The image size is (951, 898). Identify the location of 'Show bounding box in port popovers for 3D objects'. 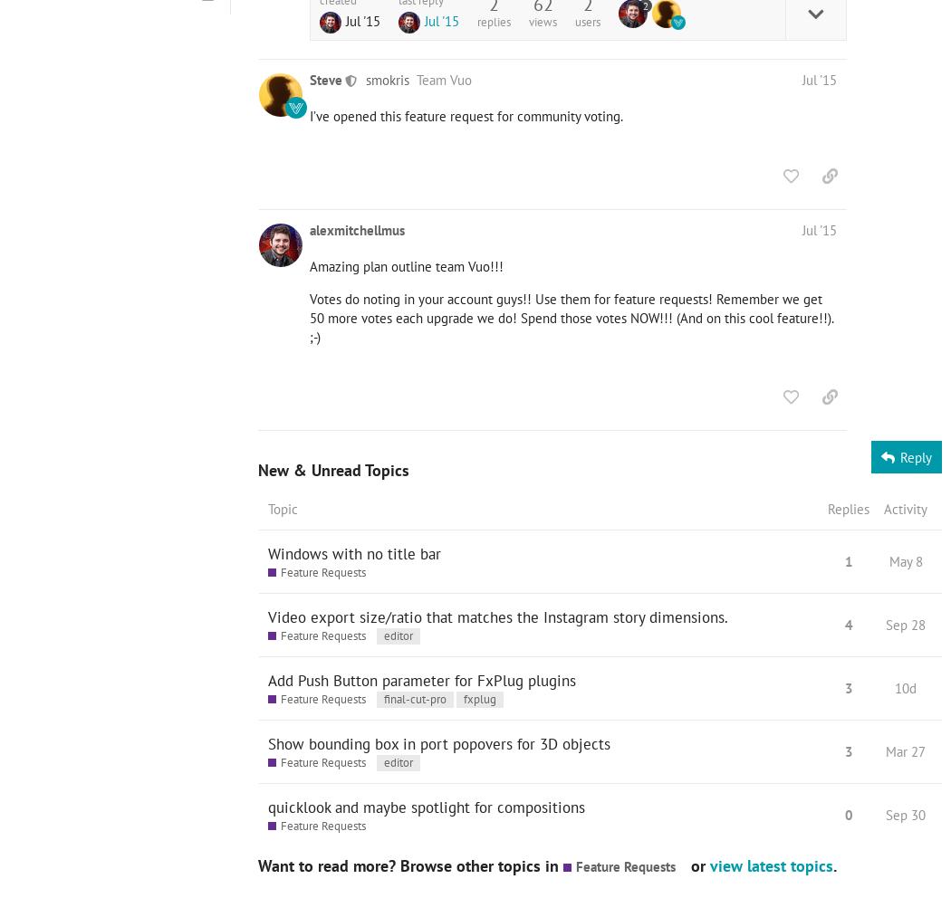
(438, 742).